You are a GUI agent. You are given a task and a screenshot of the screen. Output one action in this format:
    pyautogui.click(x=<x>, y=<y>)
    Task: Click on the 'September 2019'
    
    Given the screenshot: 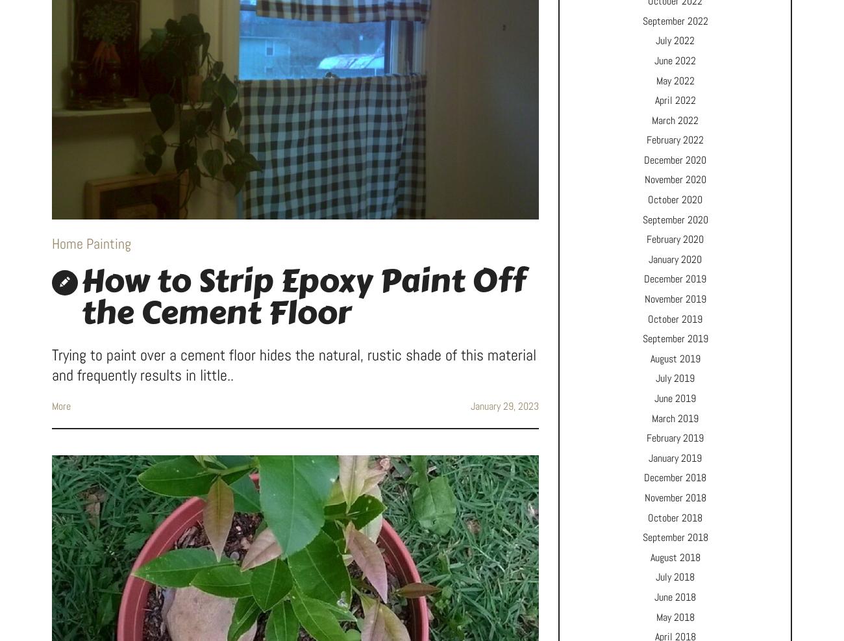 What is the action you would take?
    pyautogui.click(x=675, y=338)
    